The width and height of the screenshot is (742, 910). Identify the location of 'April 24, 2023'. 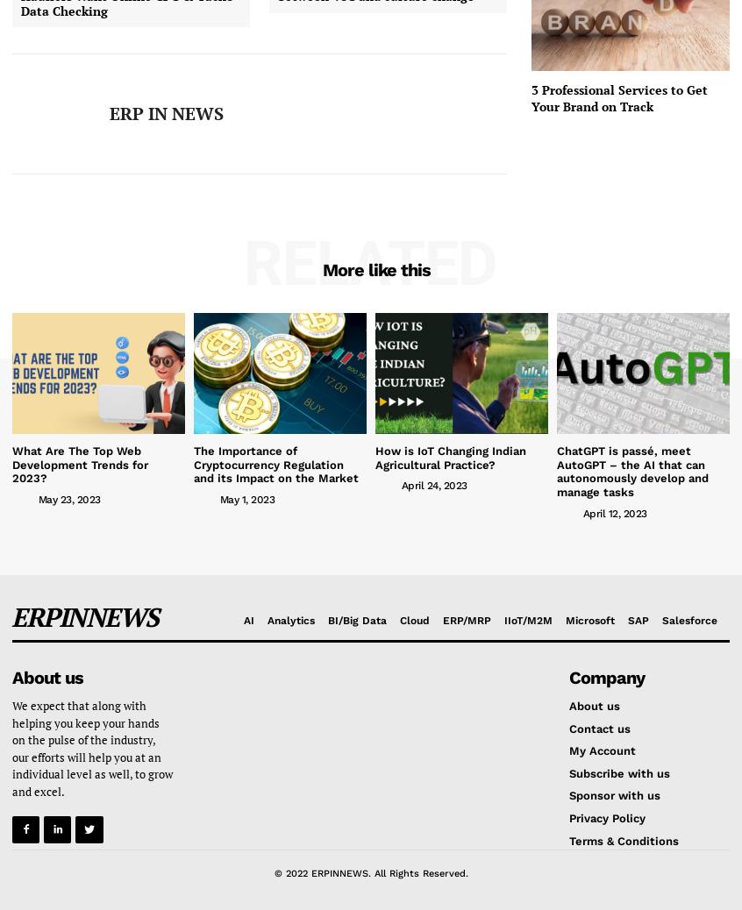
(433, 484).